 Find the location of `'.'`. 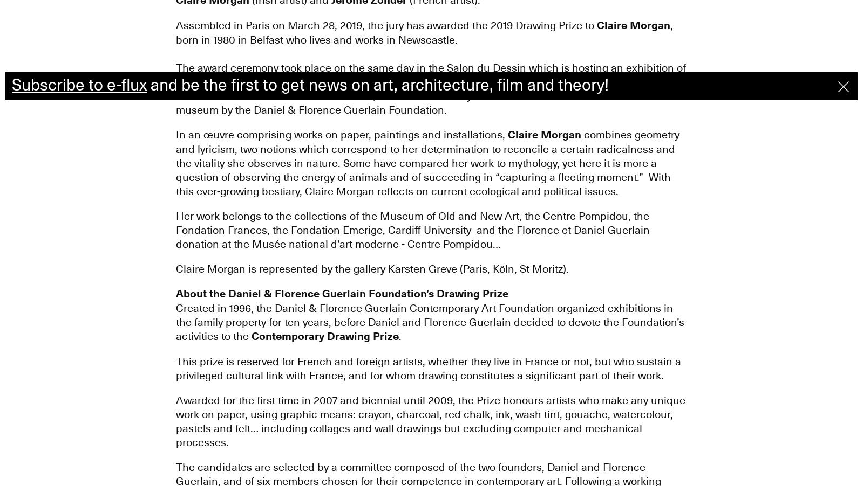

'.' is located at coordinates (397, 335).